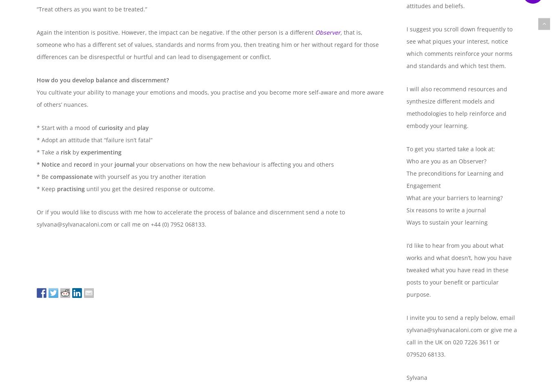 Image resolution: width=557 pixels, height=390 pixels. Describe the element at coordinates (94, 140) in the screenshot. I see `'* Adopt an attitude that “failure isn’t fatal”'` at that location.